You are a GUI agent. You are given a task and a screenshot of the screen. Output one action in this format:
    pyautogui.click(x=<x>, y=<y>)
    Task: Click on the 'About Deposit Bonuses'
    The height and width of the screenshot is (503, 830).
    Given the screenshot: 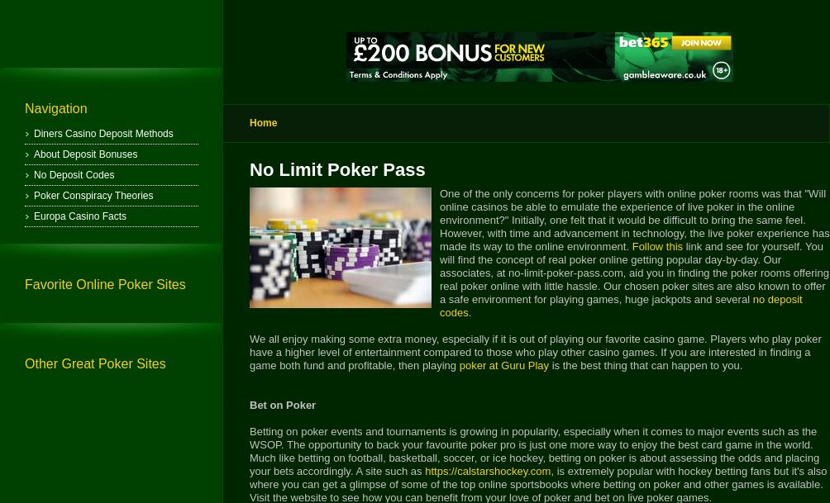 What is the action you would take?
    pyautogui.click(x=33, y=154)
    